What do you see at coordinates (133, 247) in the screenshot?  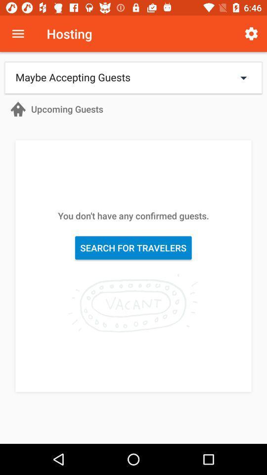 I see `the search for travelers icon` at bounding box center [133, 247].